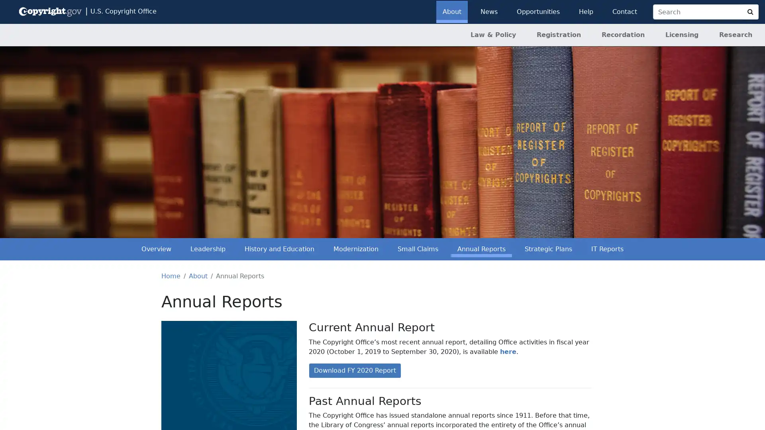  I want to click on Download FY 2020 Report, so click(355, 370).